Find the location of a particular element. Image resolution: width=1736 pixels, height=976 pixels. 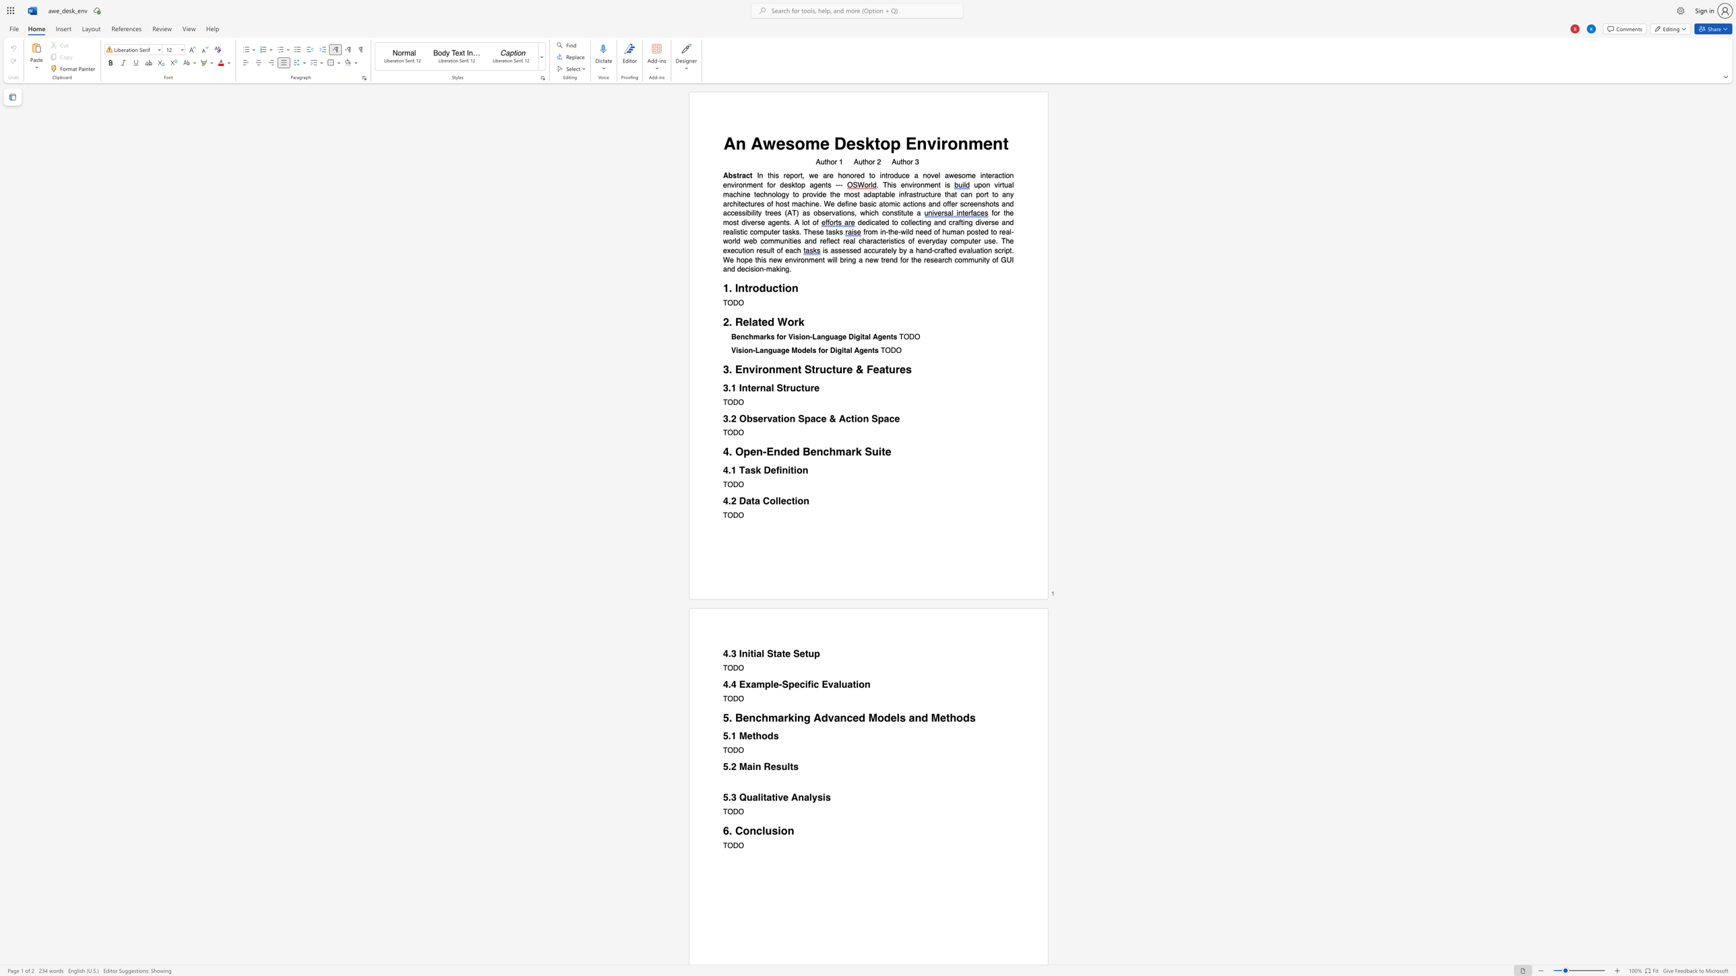

the 2th character "n" in the text is located at coordinates (866, 260).